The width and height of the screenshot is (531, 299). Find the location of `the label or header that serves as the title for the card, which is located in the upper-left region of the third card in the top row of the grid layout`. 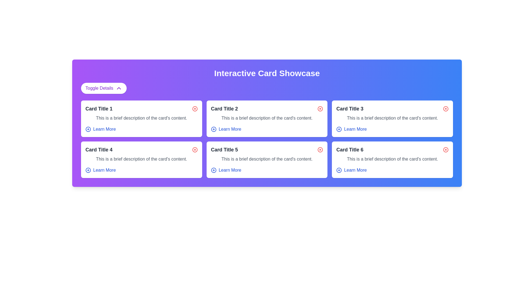

the label or header that serves as the title for the card, which is located in the upper-left region of the third card in the top row of the grid layout is located at coordinates (350, 109).